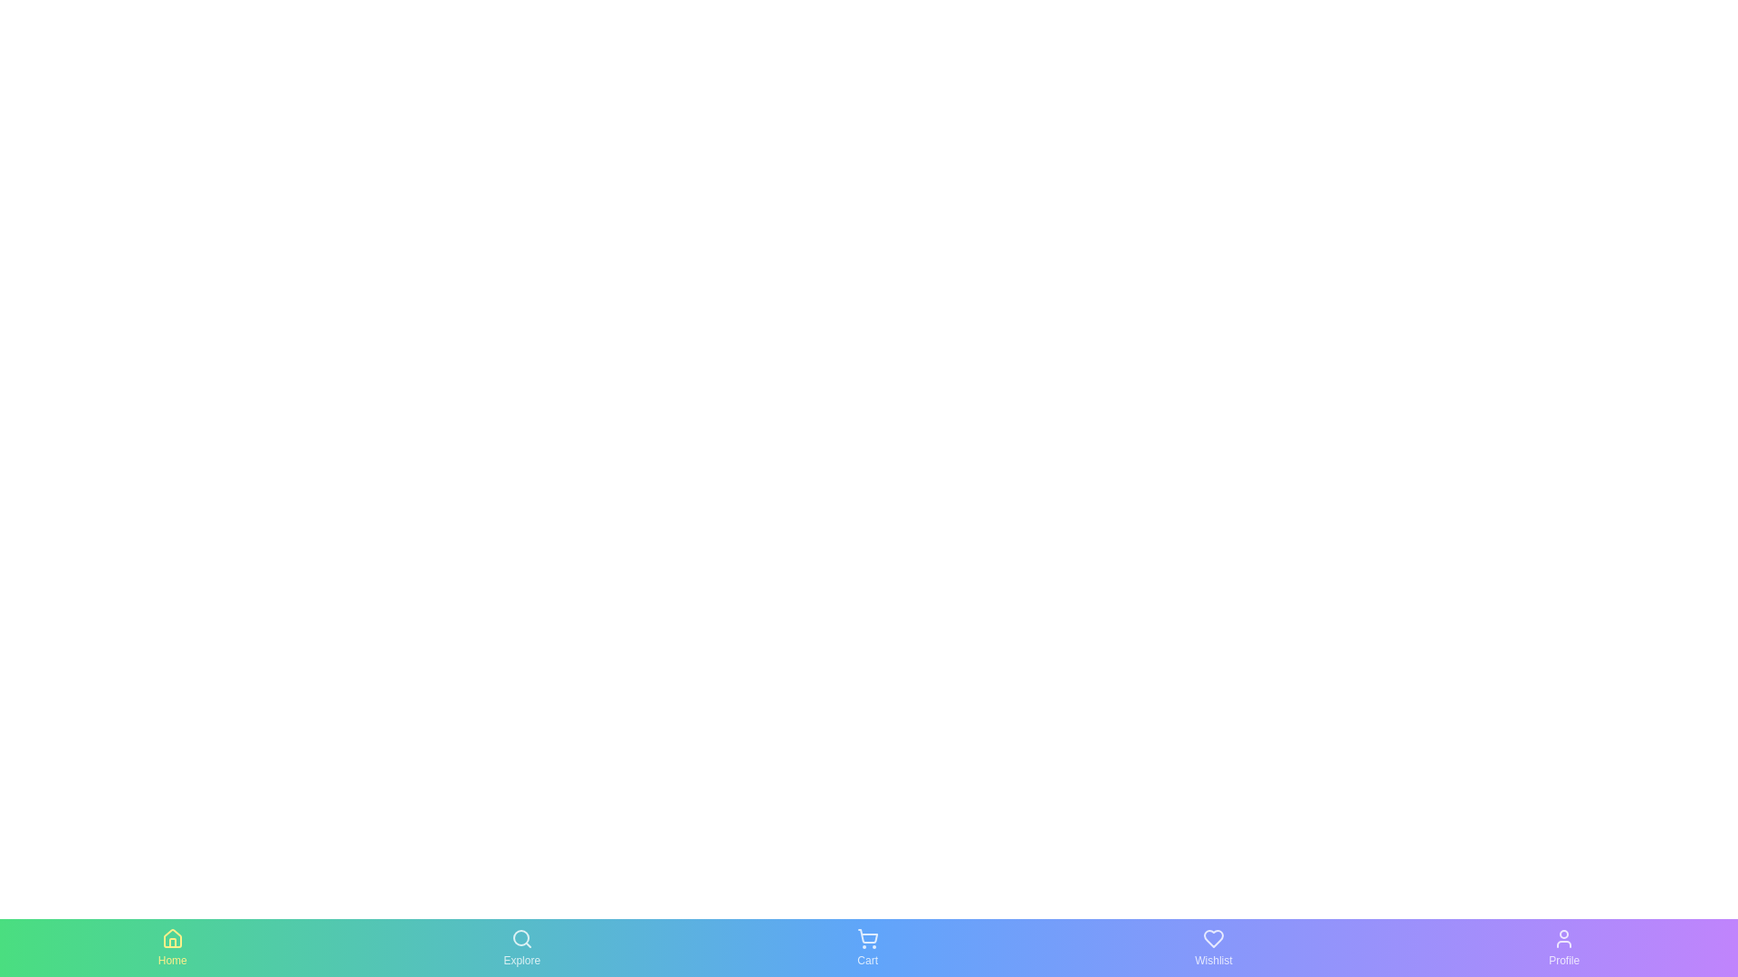 Image resolution: width=1738 pixels, height=977 pixels. I want to click on the icon labeled Wishlist, so click(1212, 947).